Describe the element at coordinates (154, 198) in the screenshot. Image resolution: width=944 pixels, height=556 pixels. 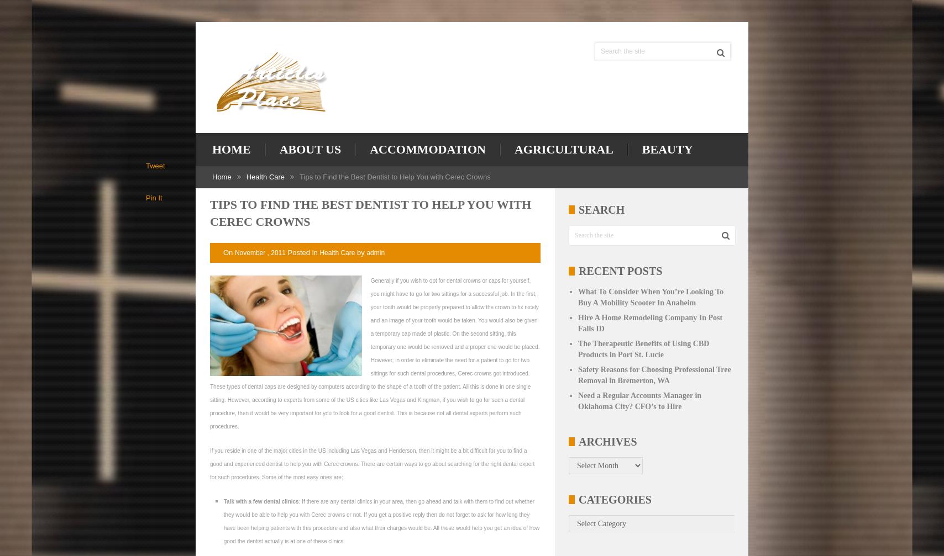
I see `'Pin It'` at that location.